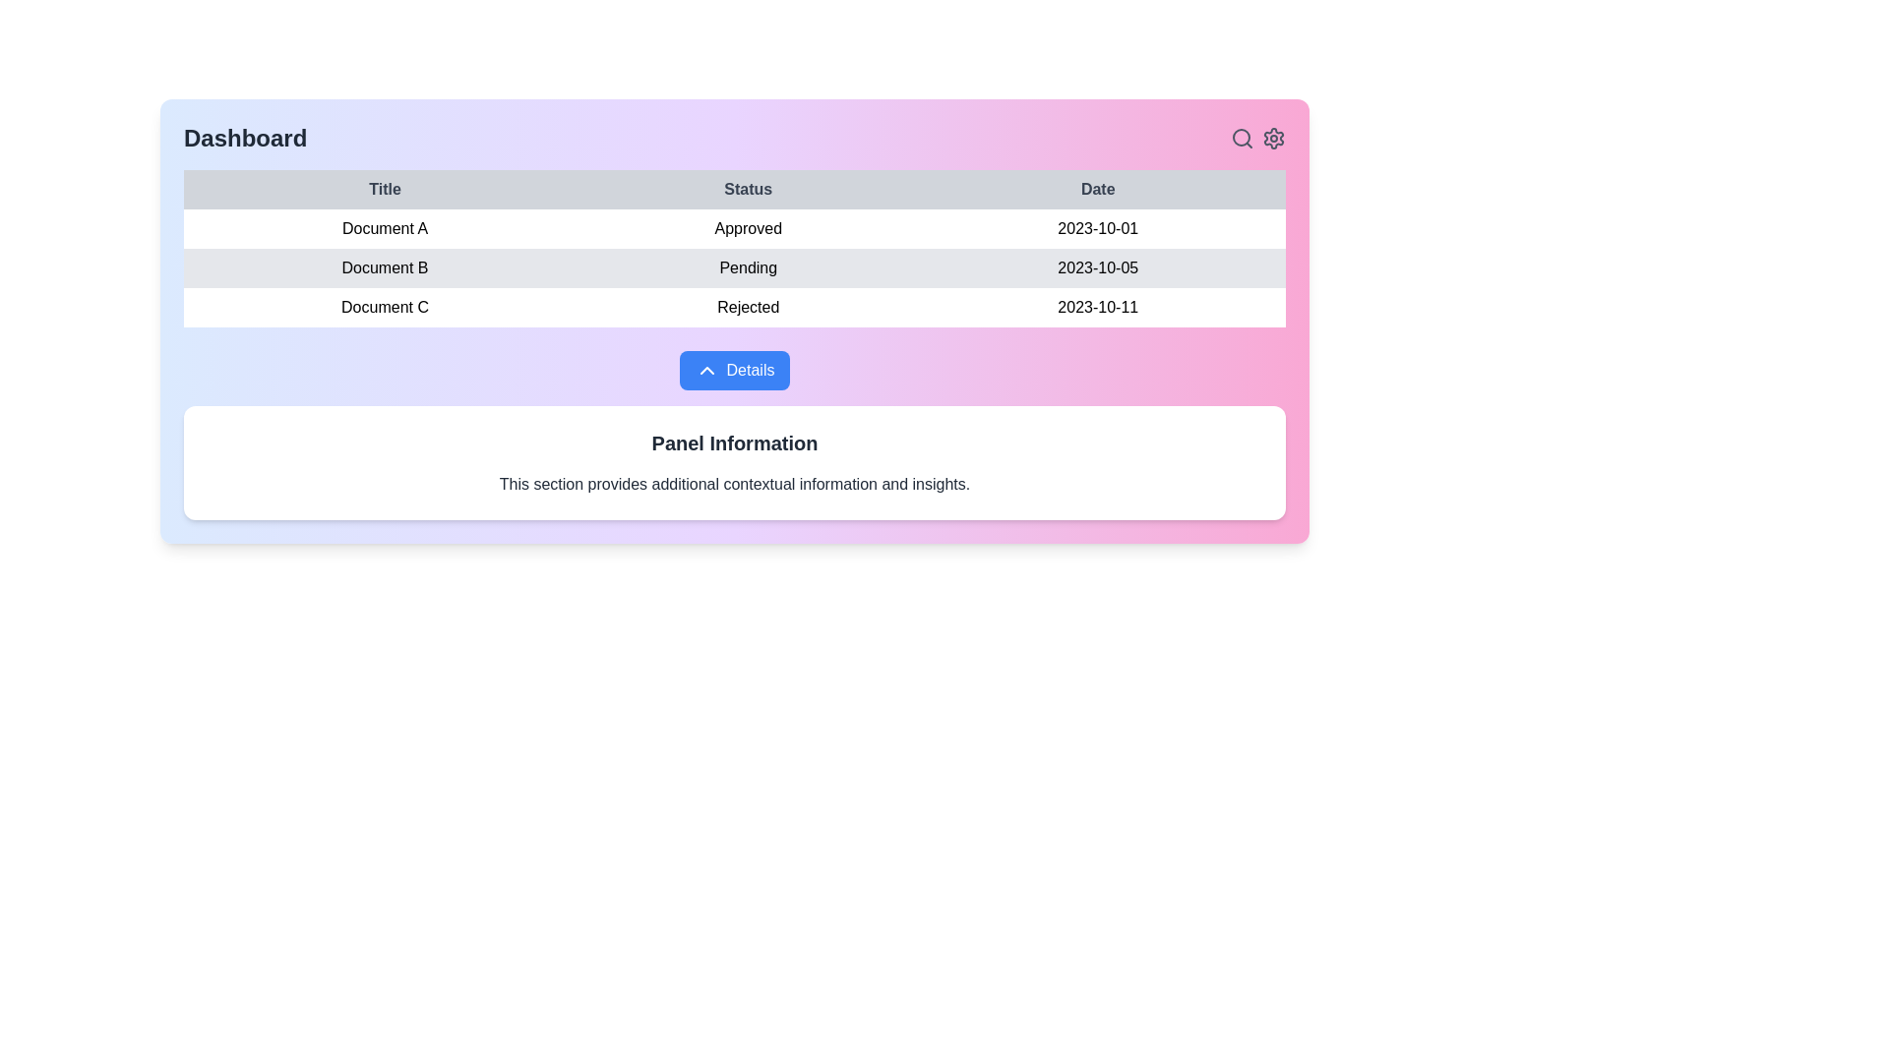 The height and width of the screenshot is (1062, 1889). Describe the element at coordinates (734, 371) in the screenshot. I see `the rectangular button with a blue background and white text reading 'Details', which features an upward-facing chevron icon` at that location.